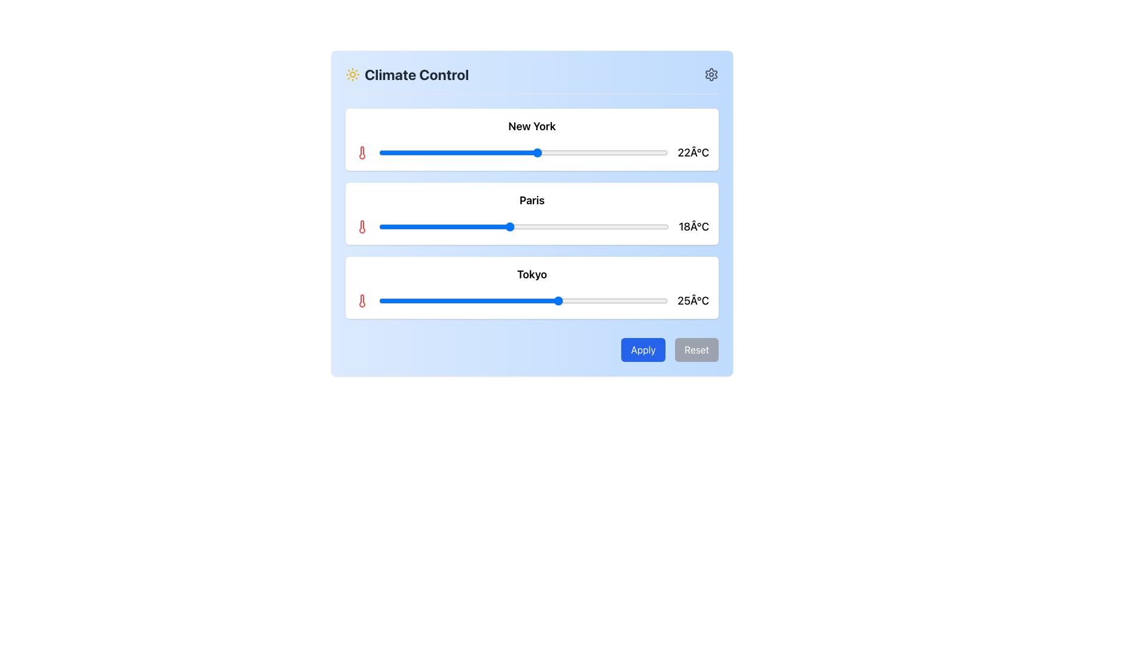 This screenshot has width=1148, height=645. What do you see at coordinates (559, 300) in the screenshot?
I see `the Tokyo temperature` at bounding box center [559, 300].